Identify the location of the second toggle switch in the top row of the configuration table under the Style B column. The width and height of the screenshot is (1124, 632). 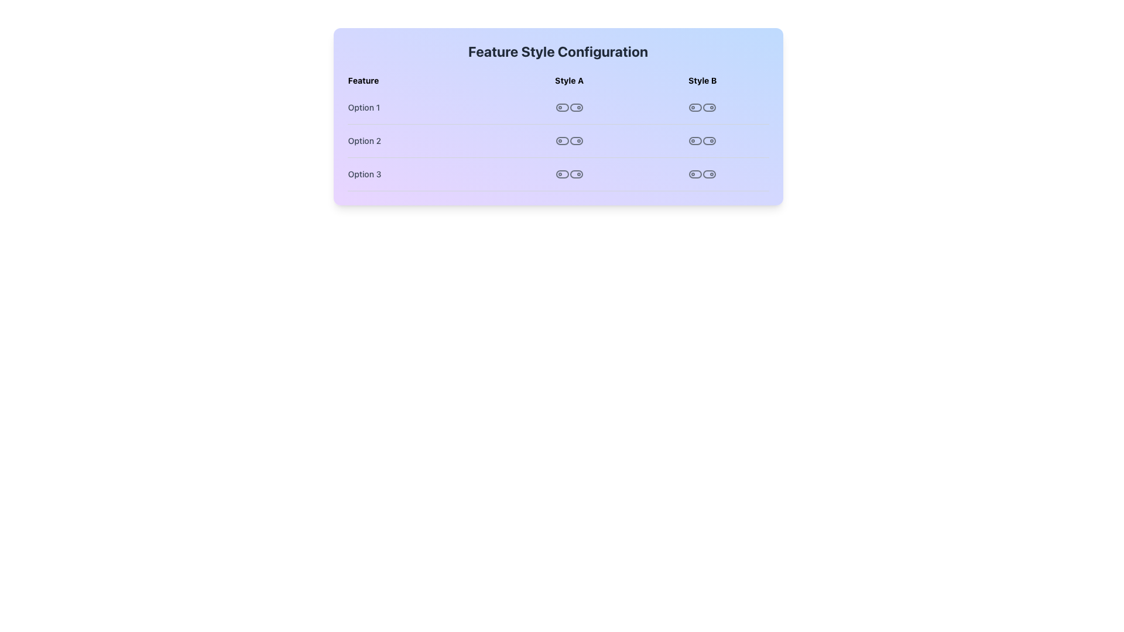
(709, 108).